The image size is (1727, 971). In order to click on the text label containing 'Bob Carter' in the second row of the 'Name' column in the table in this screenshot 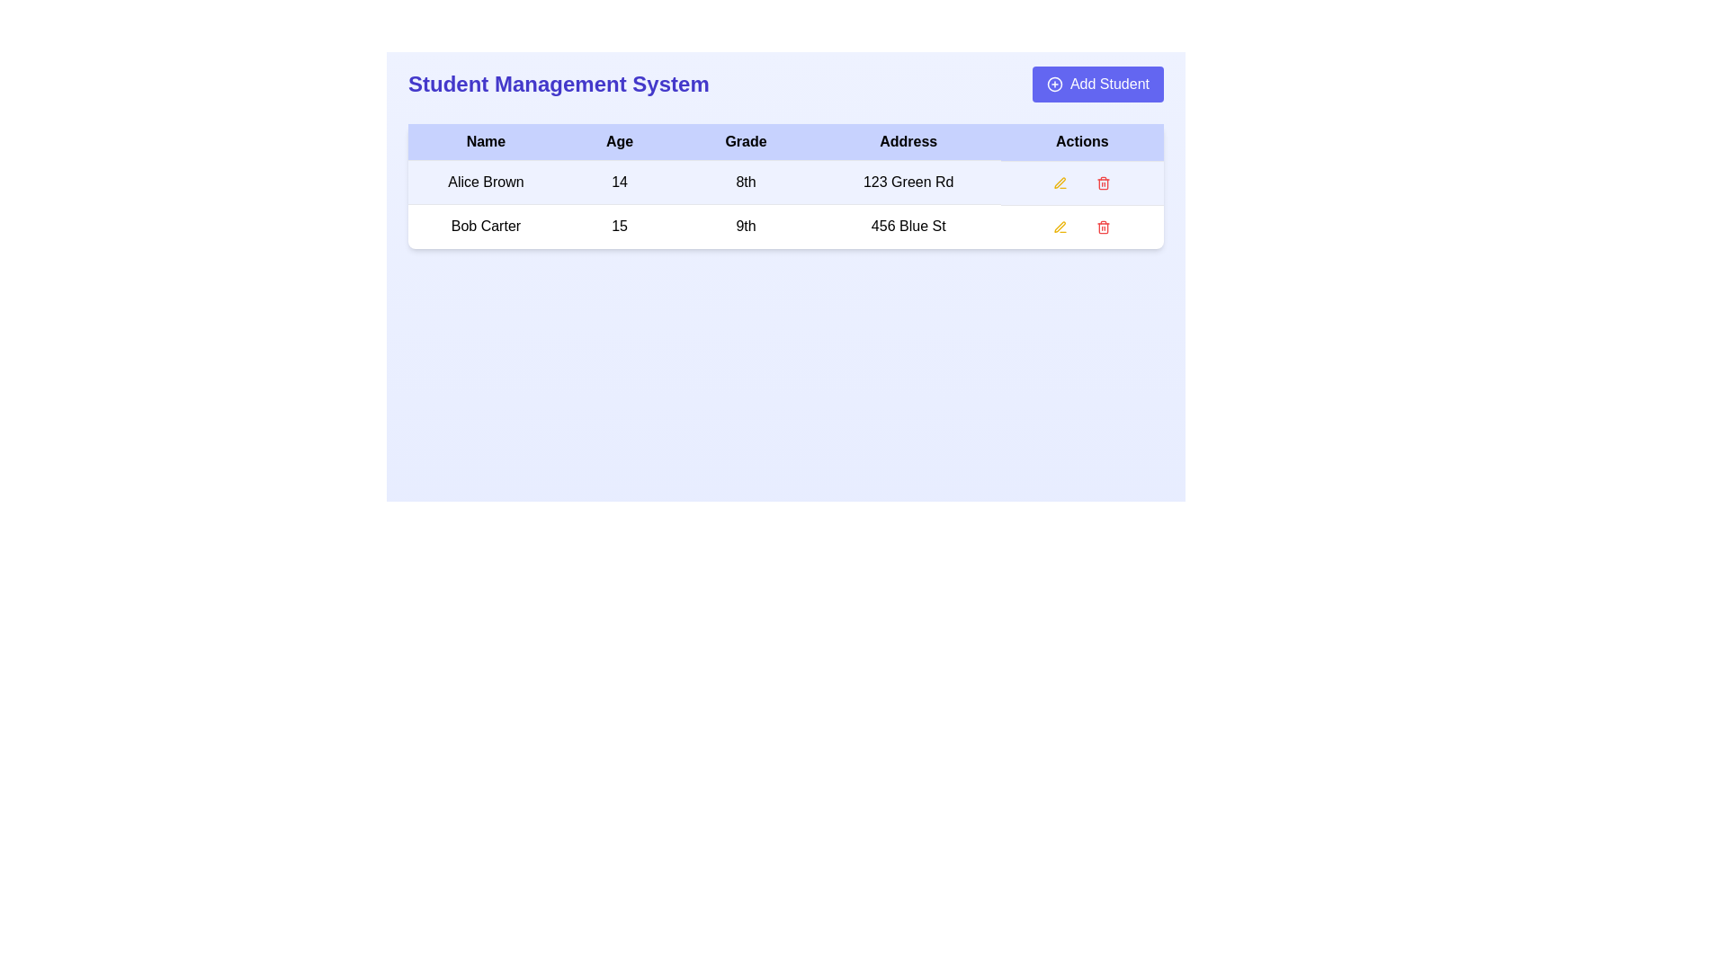, I will do `click(486, 225)`.